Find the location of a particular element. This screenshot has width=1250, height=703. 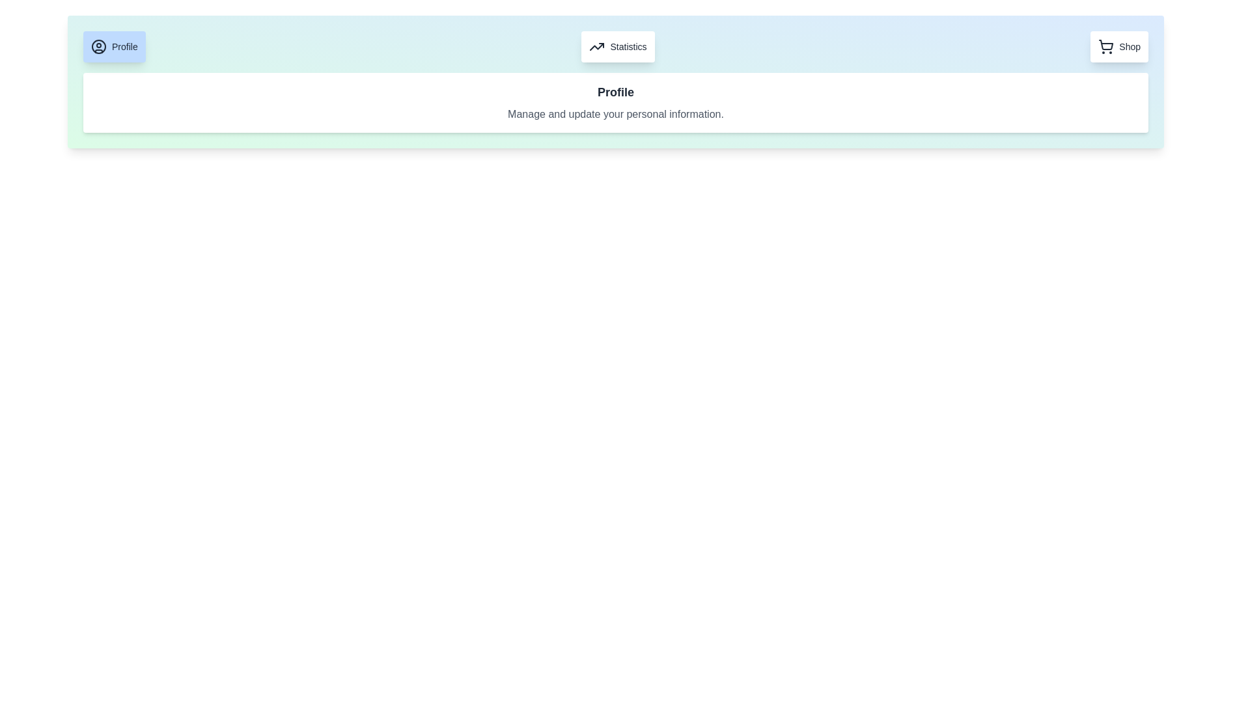

the second interactive button from the left that navigates to the 'Statistics' section to observe the scaling effect is located at coordinates (617, 46).